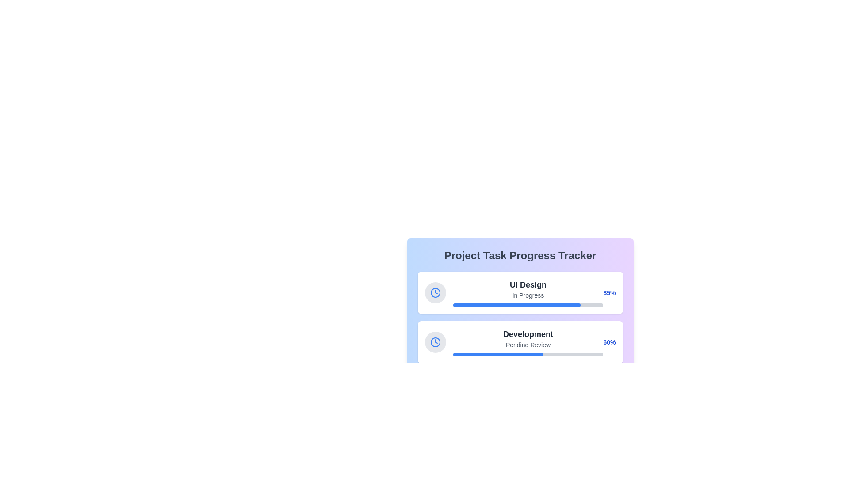 The height and width of the screenshot is (477, 849). Describe the element at coordinates (609, 293) in the screenshot. I see `the Text Label that indicates the completion percentage for the 'UI Design' progress task card, located to the right of the 'In Progress' text` at that location.